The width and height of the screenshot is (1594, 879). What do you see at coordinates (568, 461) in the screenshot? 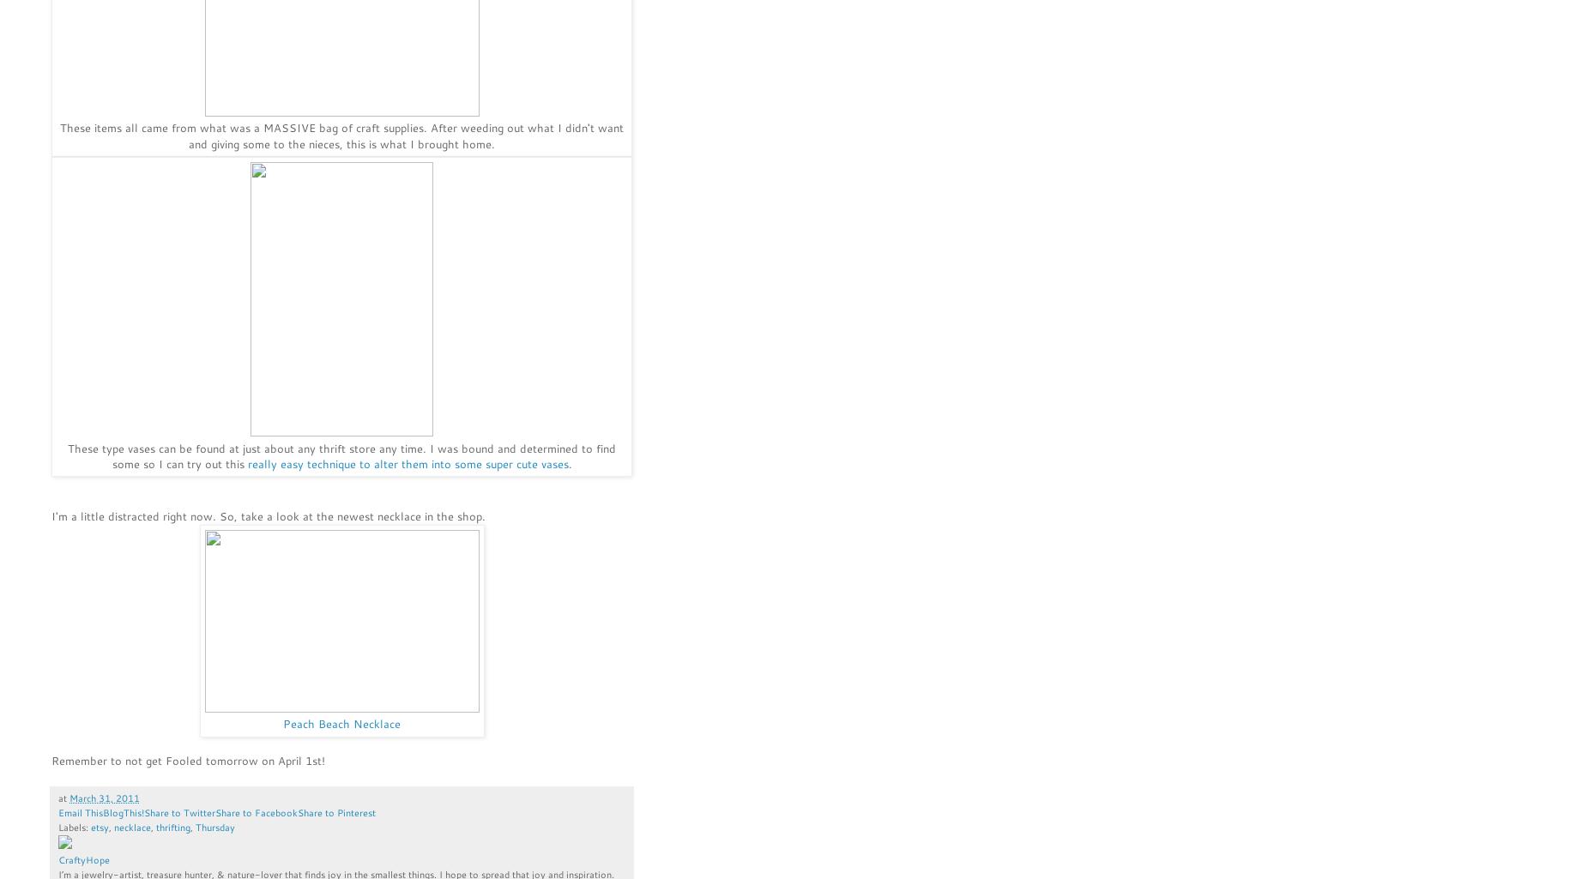
I see `'.'` at bounding box center [568, 461].